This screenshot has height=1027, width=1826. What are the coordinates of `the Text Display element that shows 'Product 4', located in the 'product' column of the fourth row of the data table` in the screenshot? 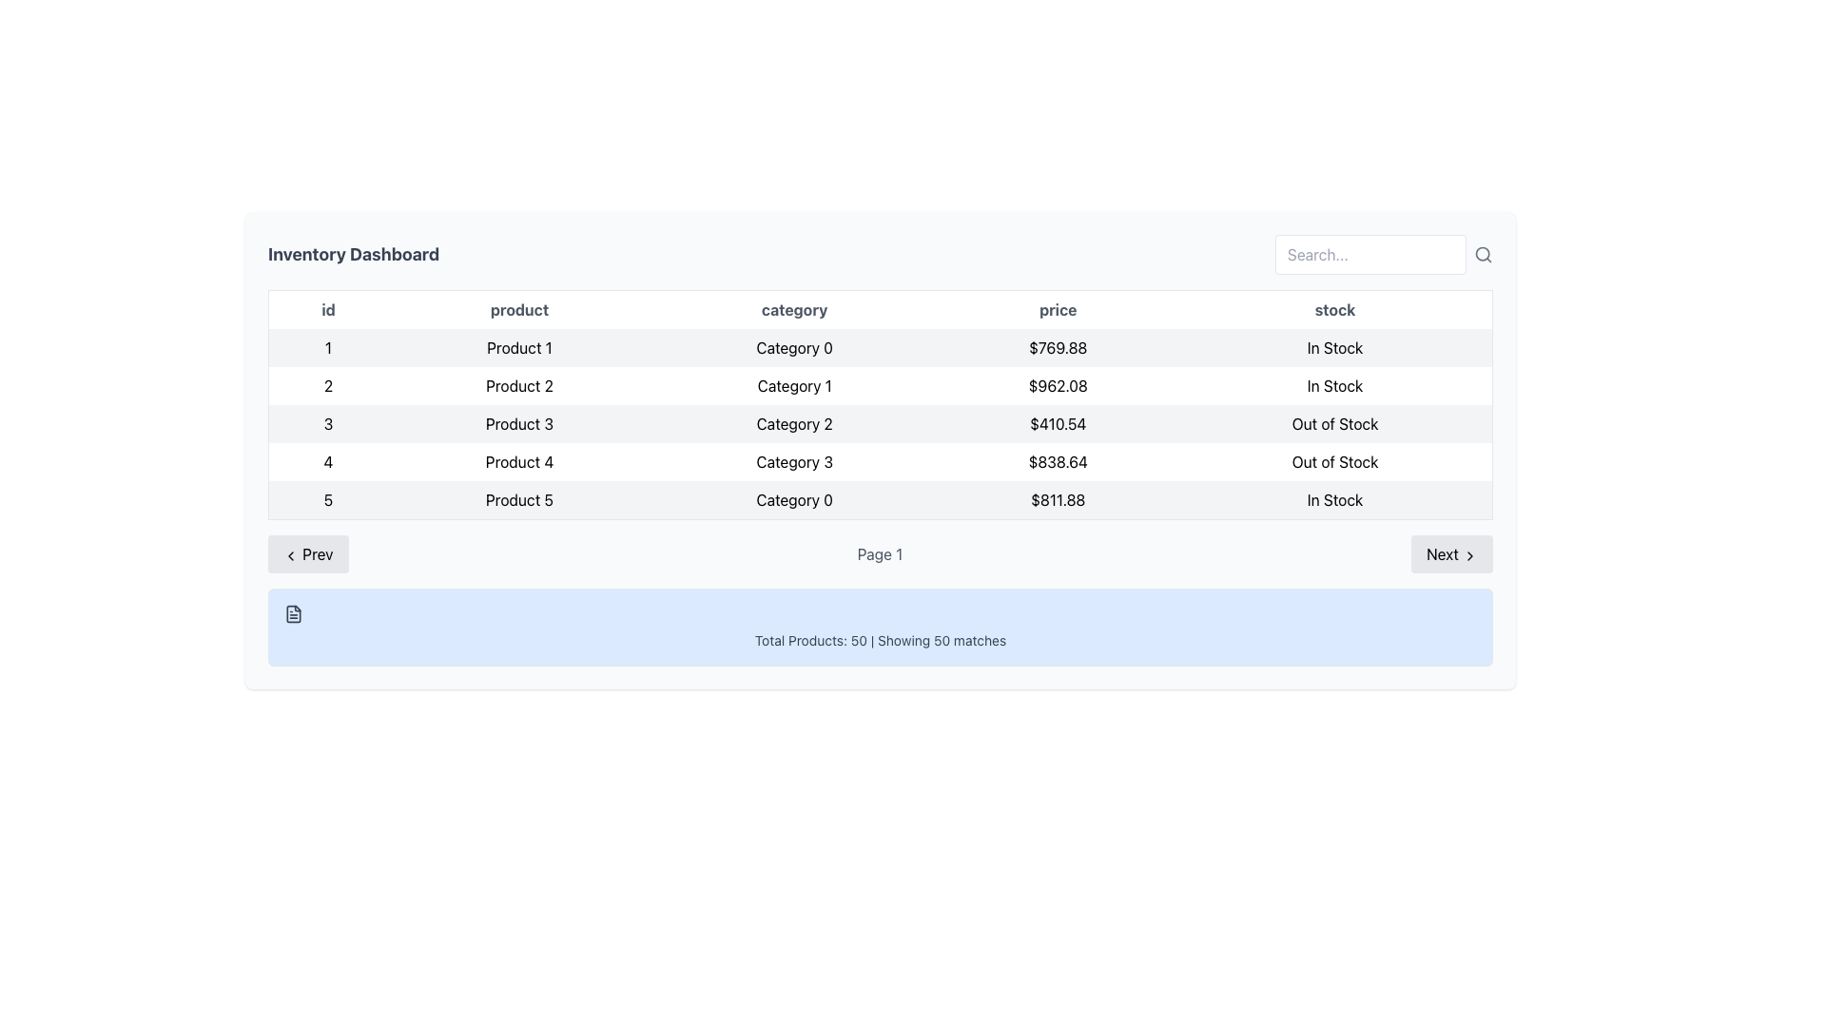 It's located at (519, 462).